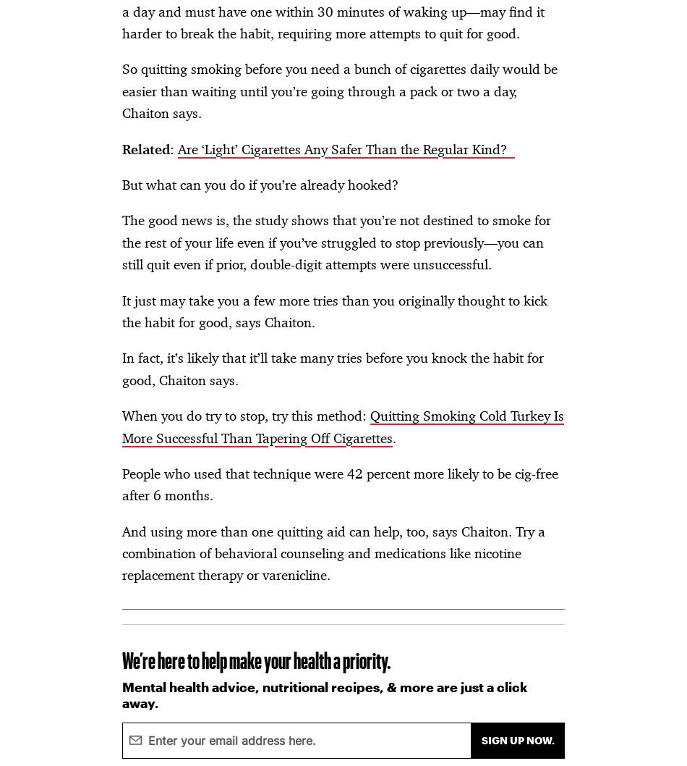  Describe the element at coordinates (52, 46) in the screenshot. I see `'Advertise'` at that location.